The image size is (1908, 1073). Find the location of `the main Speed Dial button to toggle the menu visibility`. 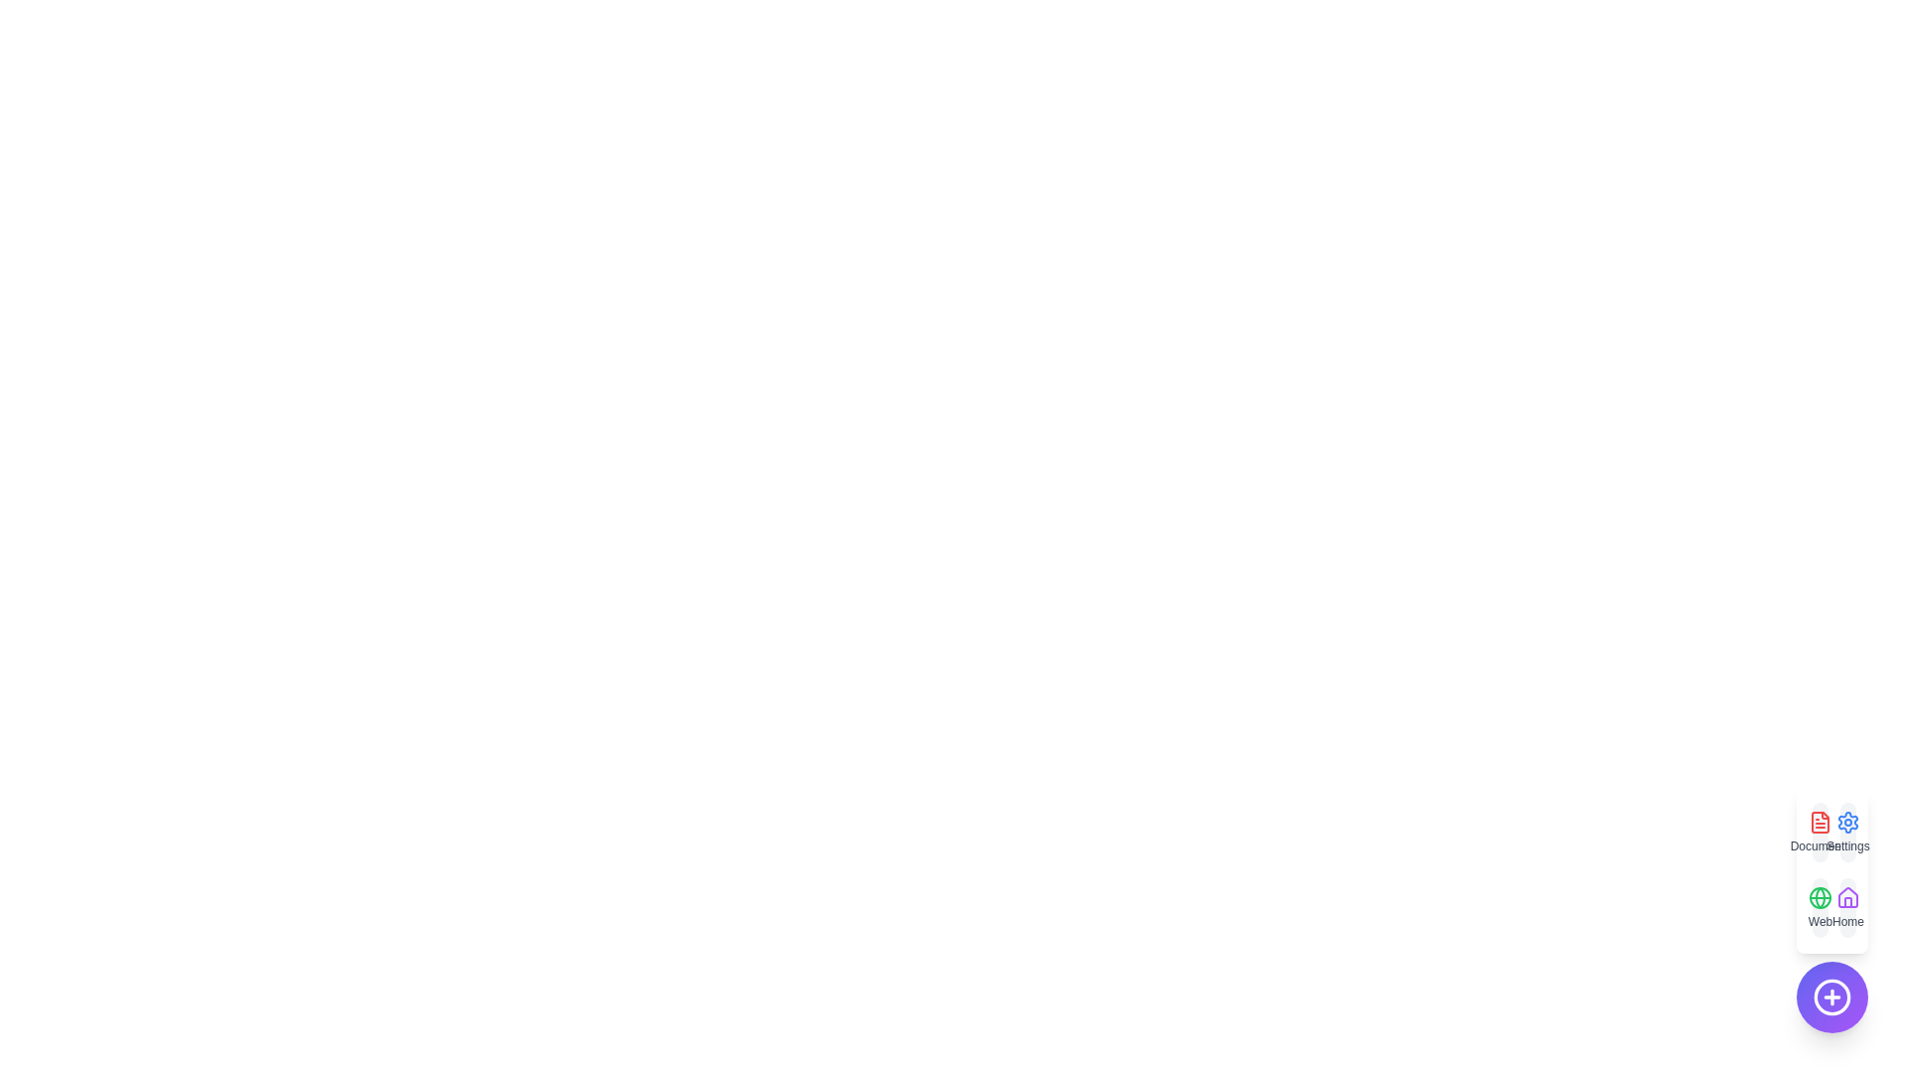

the main Speed Dial button to toggle the menu visibility is located at coordinates (1830, 996).